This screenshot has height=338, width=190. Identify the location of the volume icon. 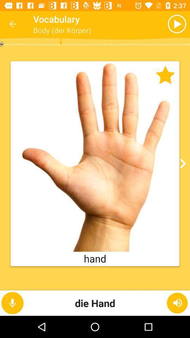
(177, 302).